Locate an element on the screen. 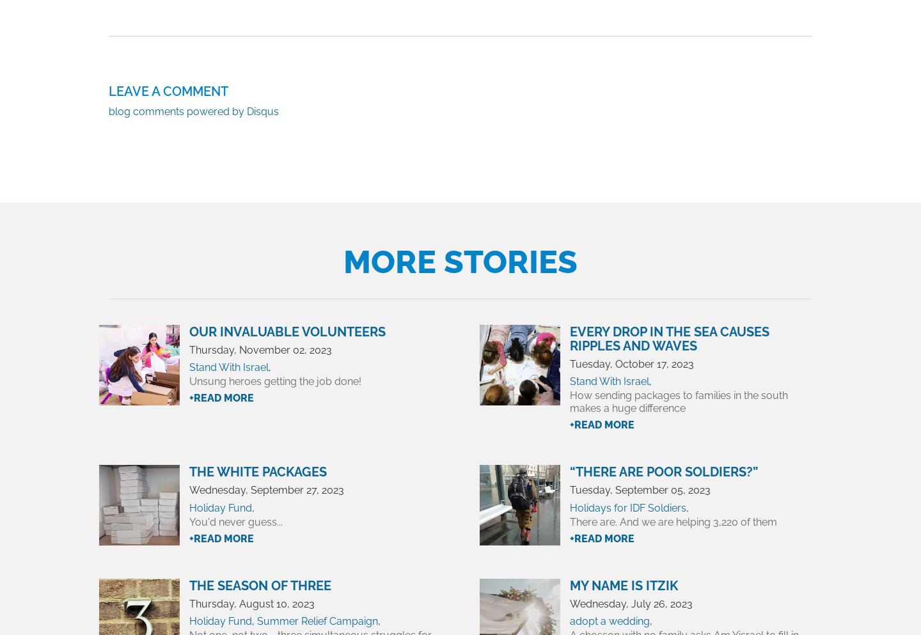  'The Season of Three' is located at coordinates (259, 585).